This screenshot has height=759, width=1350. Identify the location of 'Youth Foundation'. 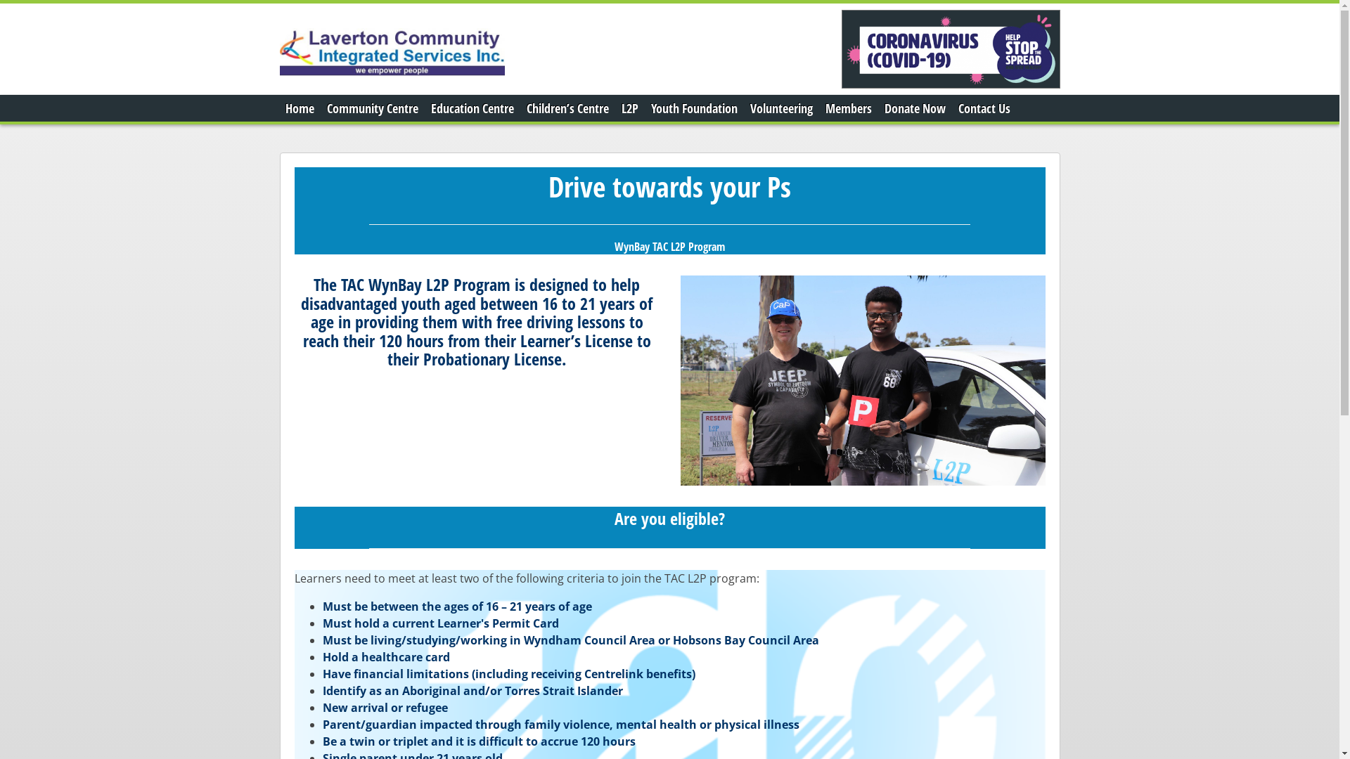
(694, 108).